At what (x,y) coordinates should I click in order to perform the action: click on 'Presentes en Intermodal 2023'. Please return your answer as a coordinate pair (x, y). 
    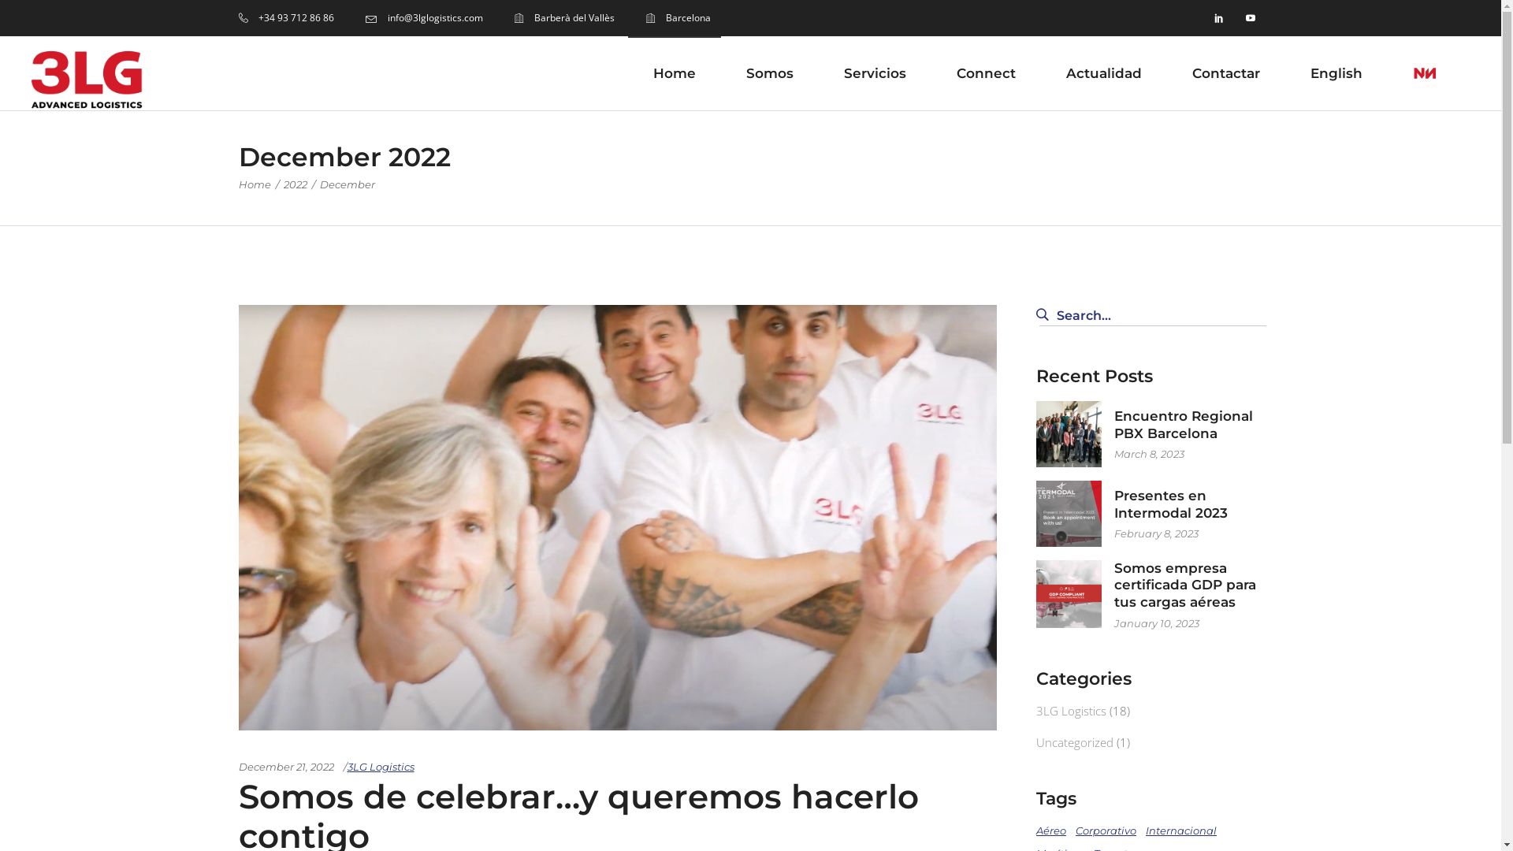
    Looking at the image, I should click on (1171, 504).